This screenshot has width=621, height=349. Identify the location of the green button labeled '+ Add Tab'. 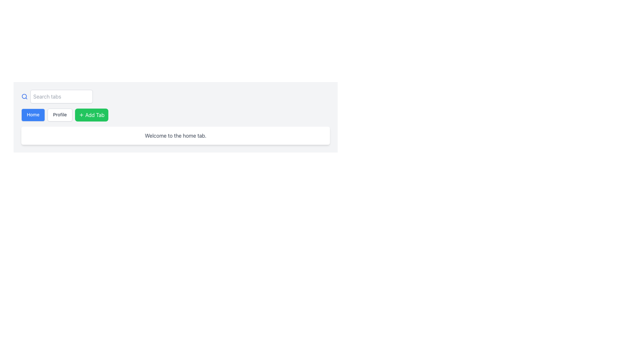
(91, 114).